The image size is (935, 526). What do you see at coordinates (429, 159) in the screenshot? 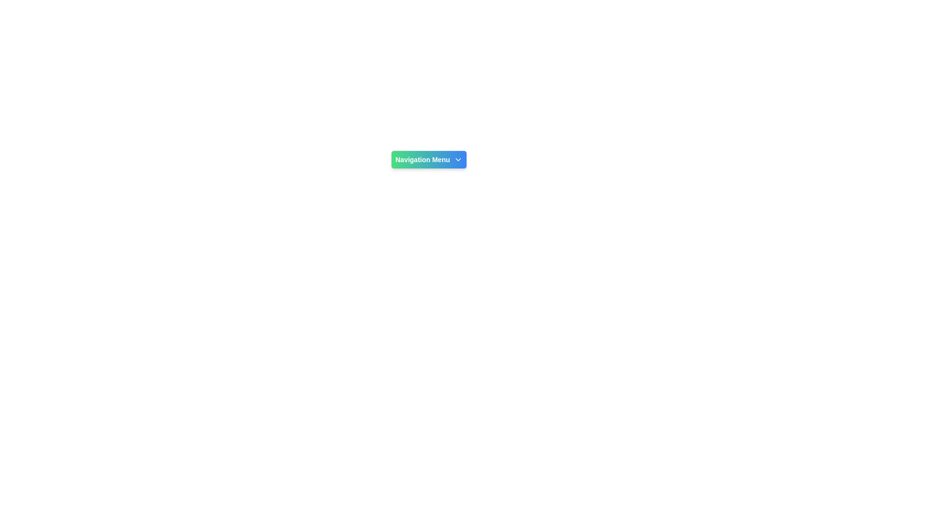
I see `the 'Navigation Menu' button, which is a compact rectangular button with a gradient background transitioning from green to blue, featuring white bold text and a down-chevron icon on the right` at bounding box center [429, 159].